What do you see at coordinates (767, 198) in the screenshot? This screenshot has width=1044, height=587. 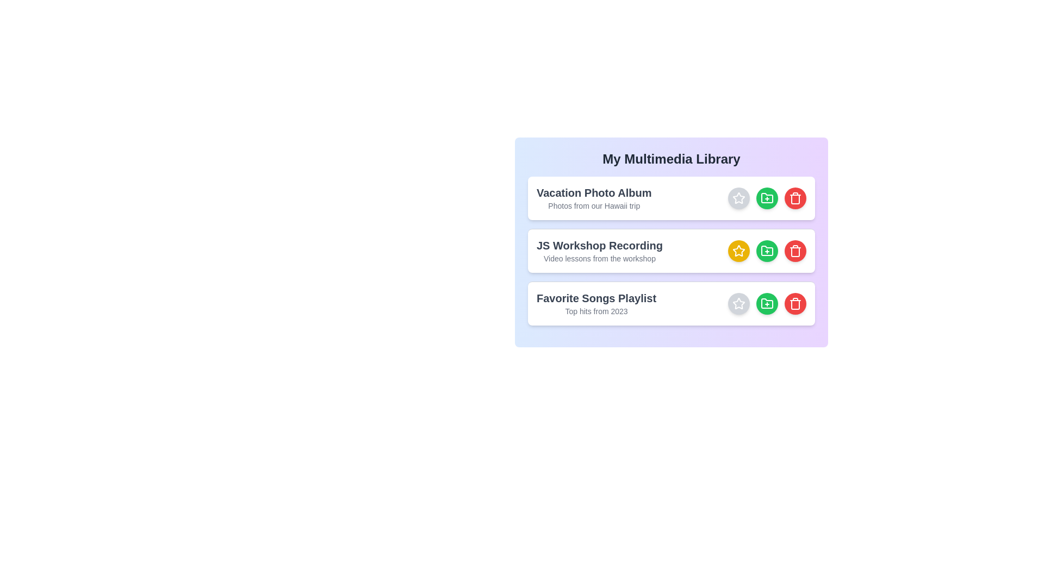 I see `the button located in the upper right section of the 'Vacation Photo Album' card` at bounding box center [767, 198].